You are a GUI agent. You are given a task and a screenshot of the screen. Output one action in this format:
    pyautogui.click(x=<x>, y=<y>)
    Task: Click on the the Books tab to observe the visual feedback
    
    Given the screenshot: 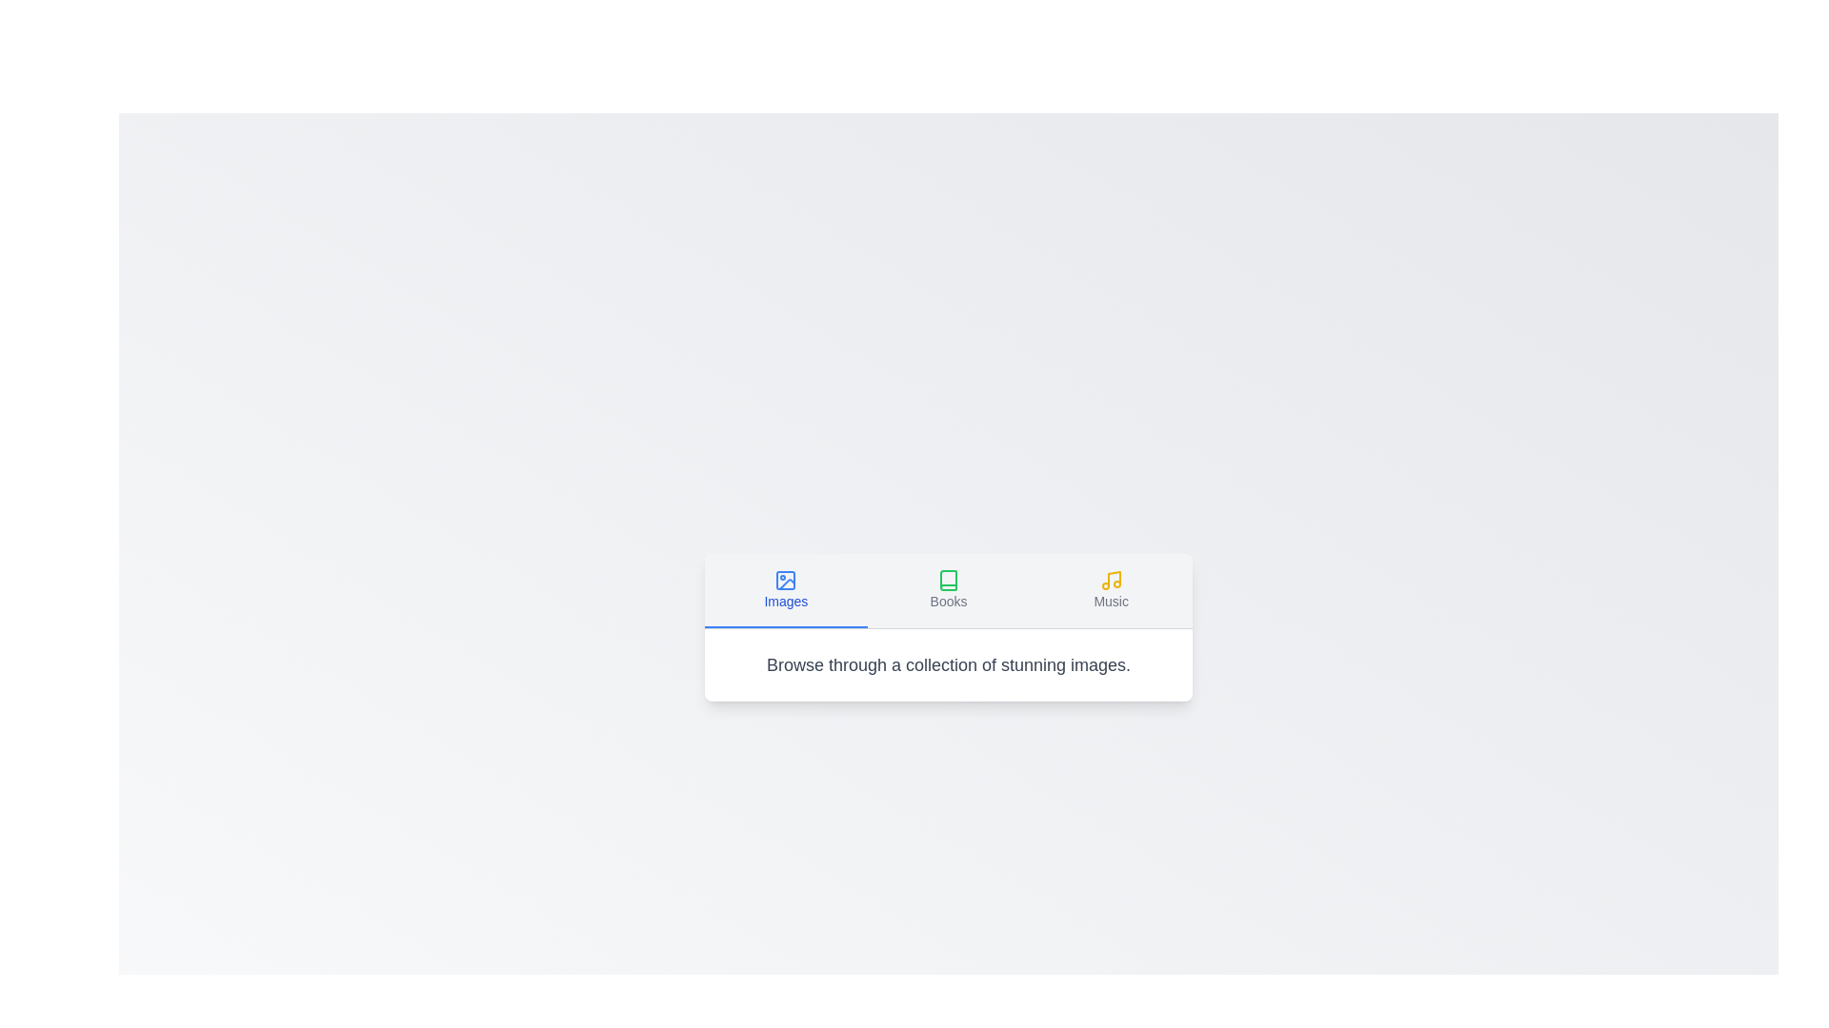 What is the action you would take?
    pyautogui.click(x=949, y=589)
    